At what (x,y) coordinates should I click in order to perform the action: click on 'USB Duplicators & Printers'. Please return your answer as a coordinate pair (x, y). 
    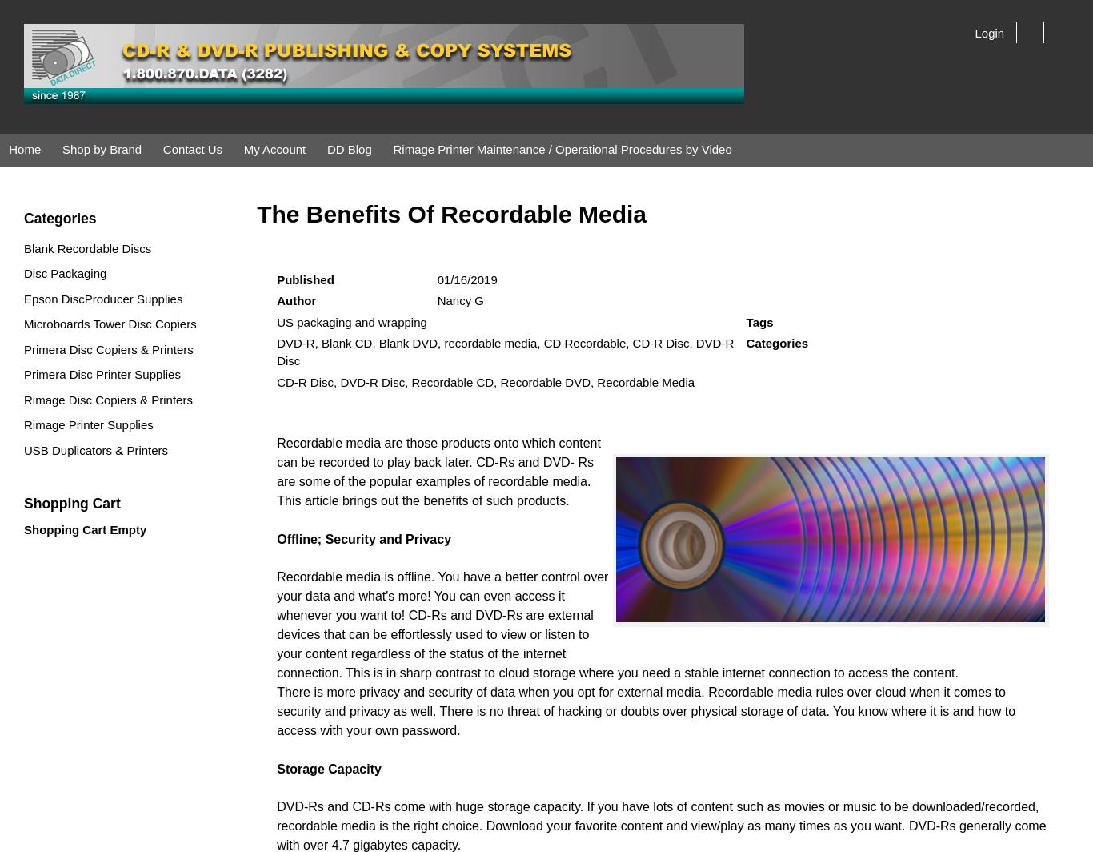
    Looking at the image, I should click on (94, 449).